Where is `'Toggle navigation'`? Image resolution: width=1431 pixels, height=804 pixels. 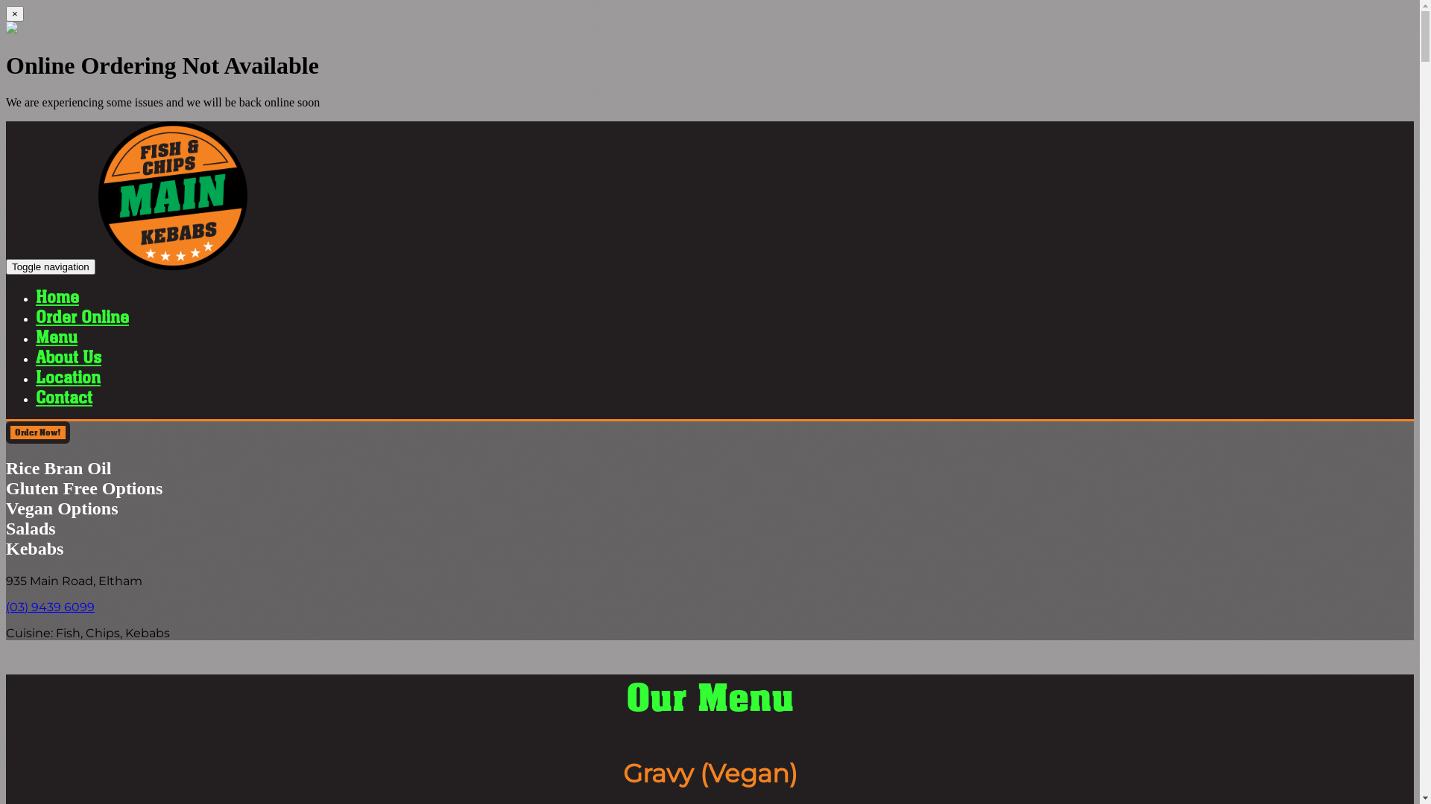 'Toggle navigation' is located at coordinates (6, 266).